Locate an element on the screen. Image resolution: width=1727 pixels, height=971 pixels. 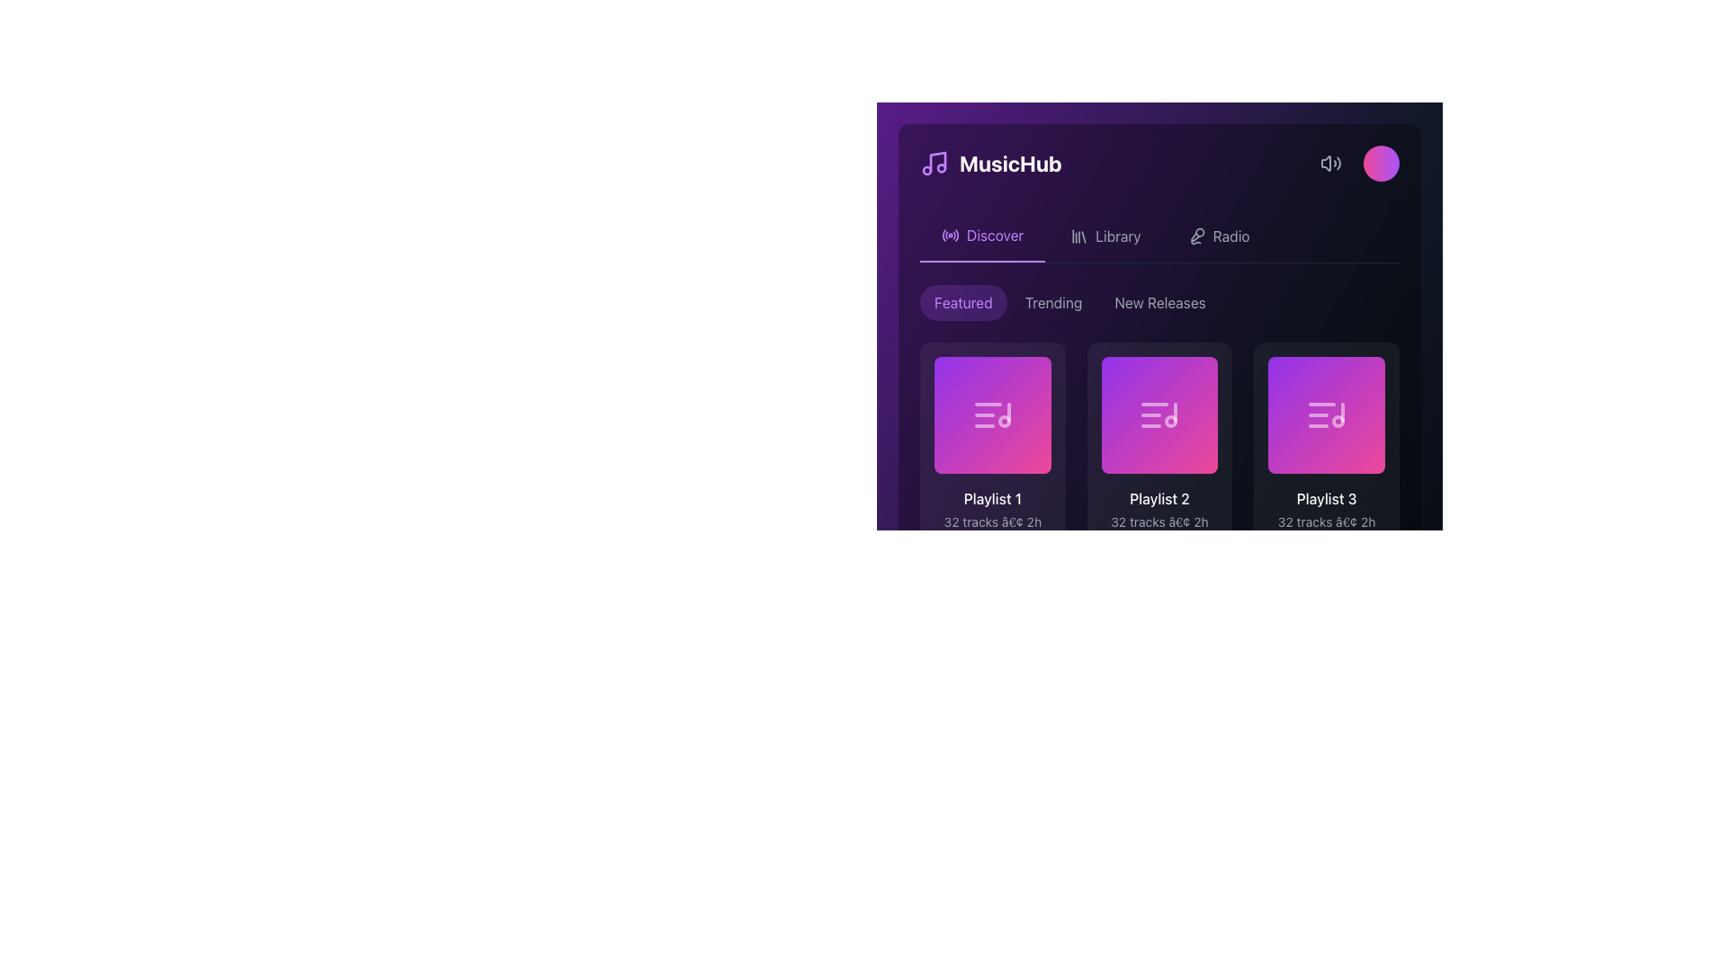
the 'Trending' button, which is a capsule-shaped text button located between 'Featured' and 'New Releases' in the horizontal button group is located at coordinates (1053, 301).